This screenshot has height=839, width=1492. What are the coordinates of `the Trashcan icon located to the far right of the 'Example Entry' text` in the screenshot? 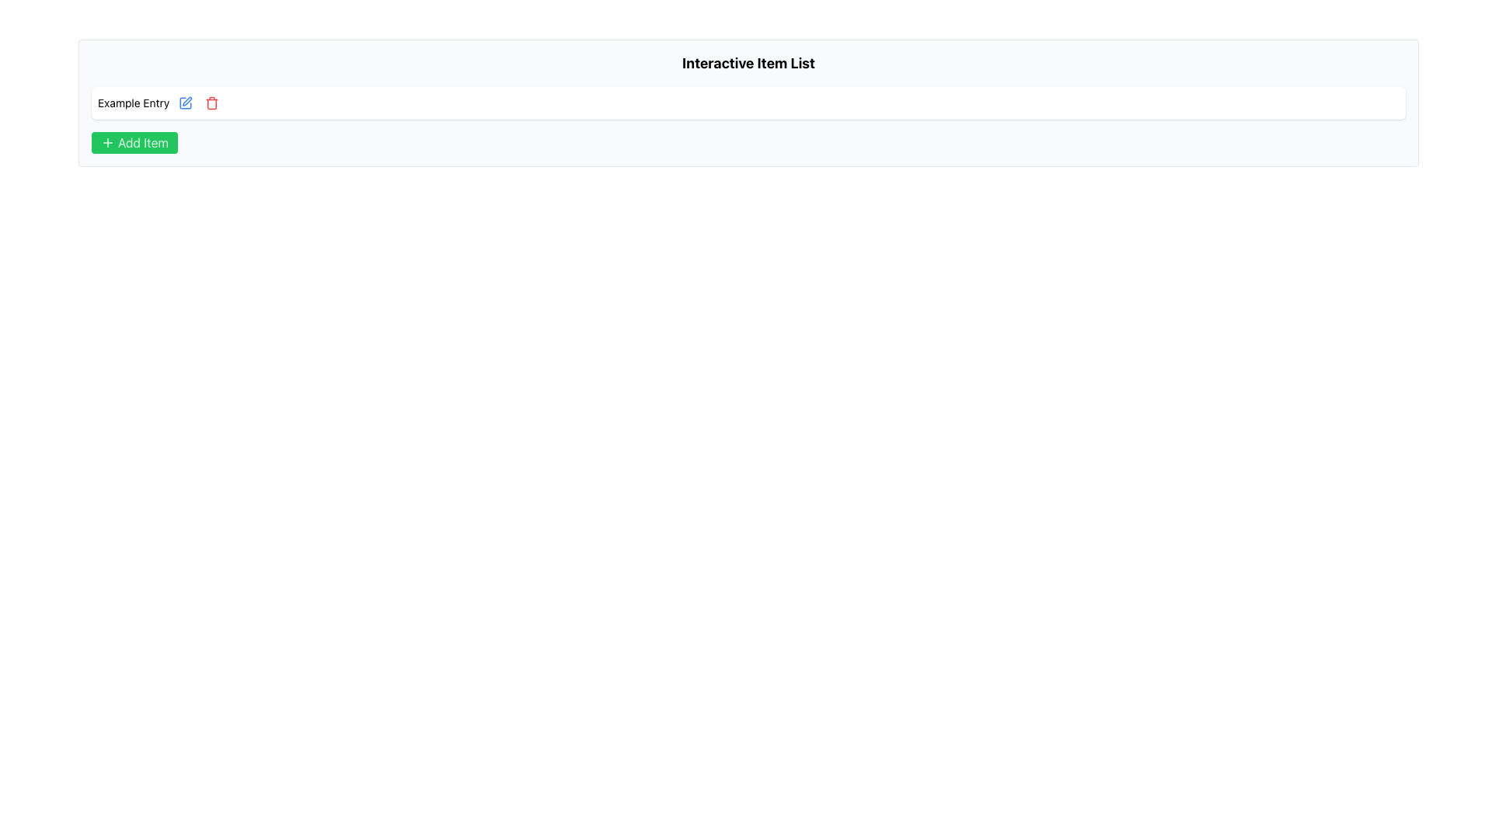 It's located at (211, 103).